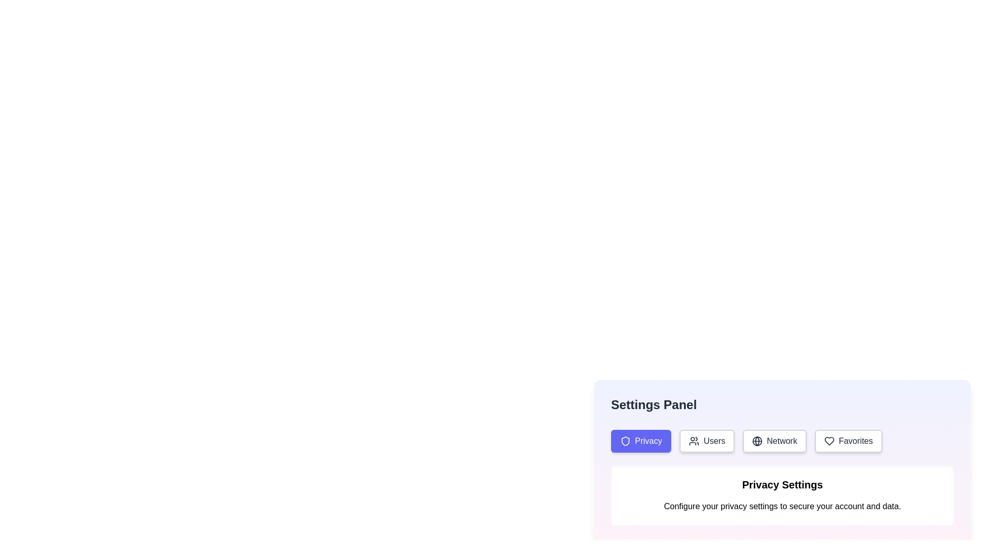 This screenshot has width=996, height=560. What do you see at coordinates (774, 441) in the screenshot?
I see `the 'Network' button, which is the third button in a row labeled 'Privacy', 'Users', 'Network', and 'Favorites'` at bounding box center [774, 441].